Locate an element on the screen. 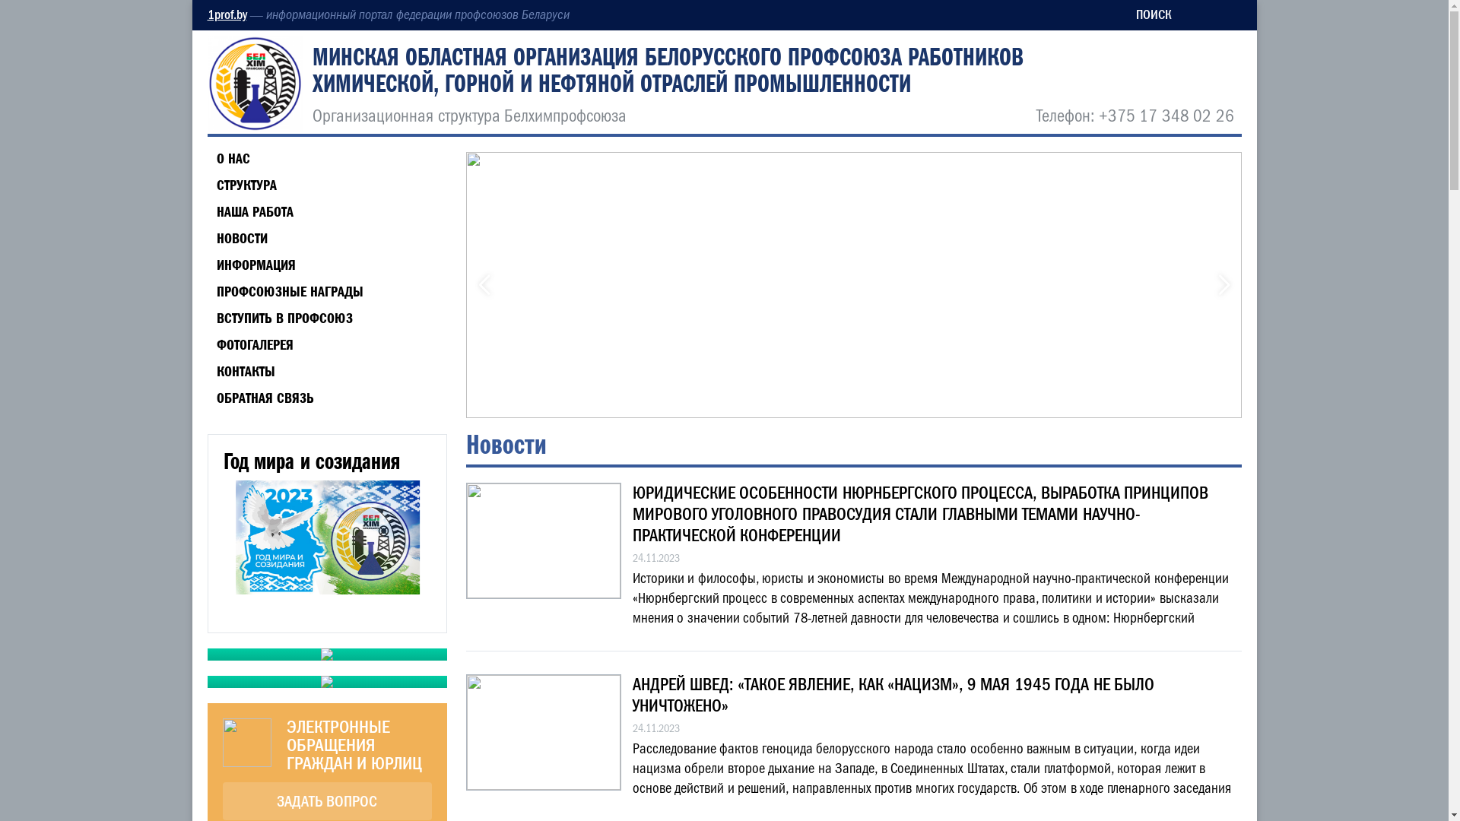  '1prof.by' is located at coordinates (225, 14).